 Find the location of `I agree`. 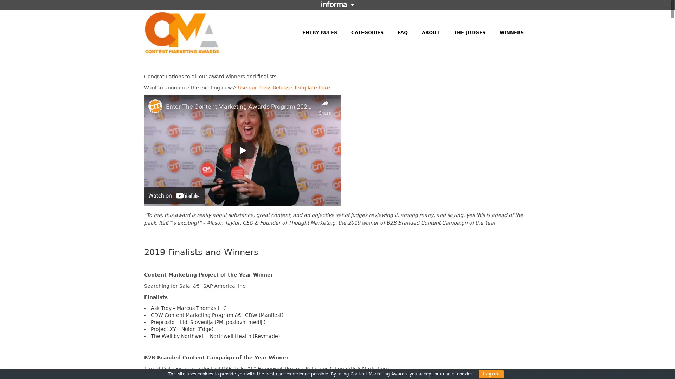

I agree is located at coordinates (490, 373).